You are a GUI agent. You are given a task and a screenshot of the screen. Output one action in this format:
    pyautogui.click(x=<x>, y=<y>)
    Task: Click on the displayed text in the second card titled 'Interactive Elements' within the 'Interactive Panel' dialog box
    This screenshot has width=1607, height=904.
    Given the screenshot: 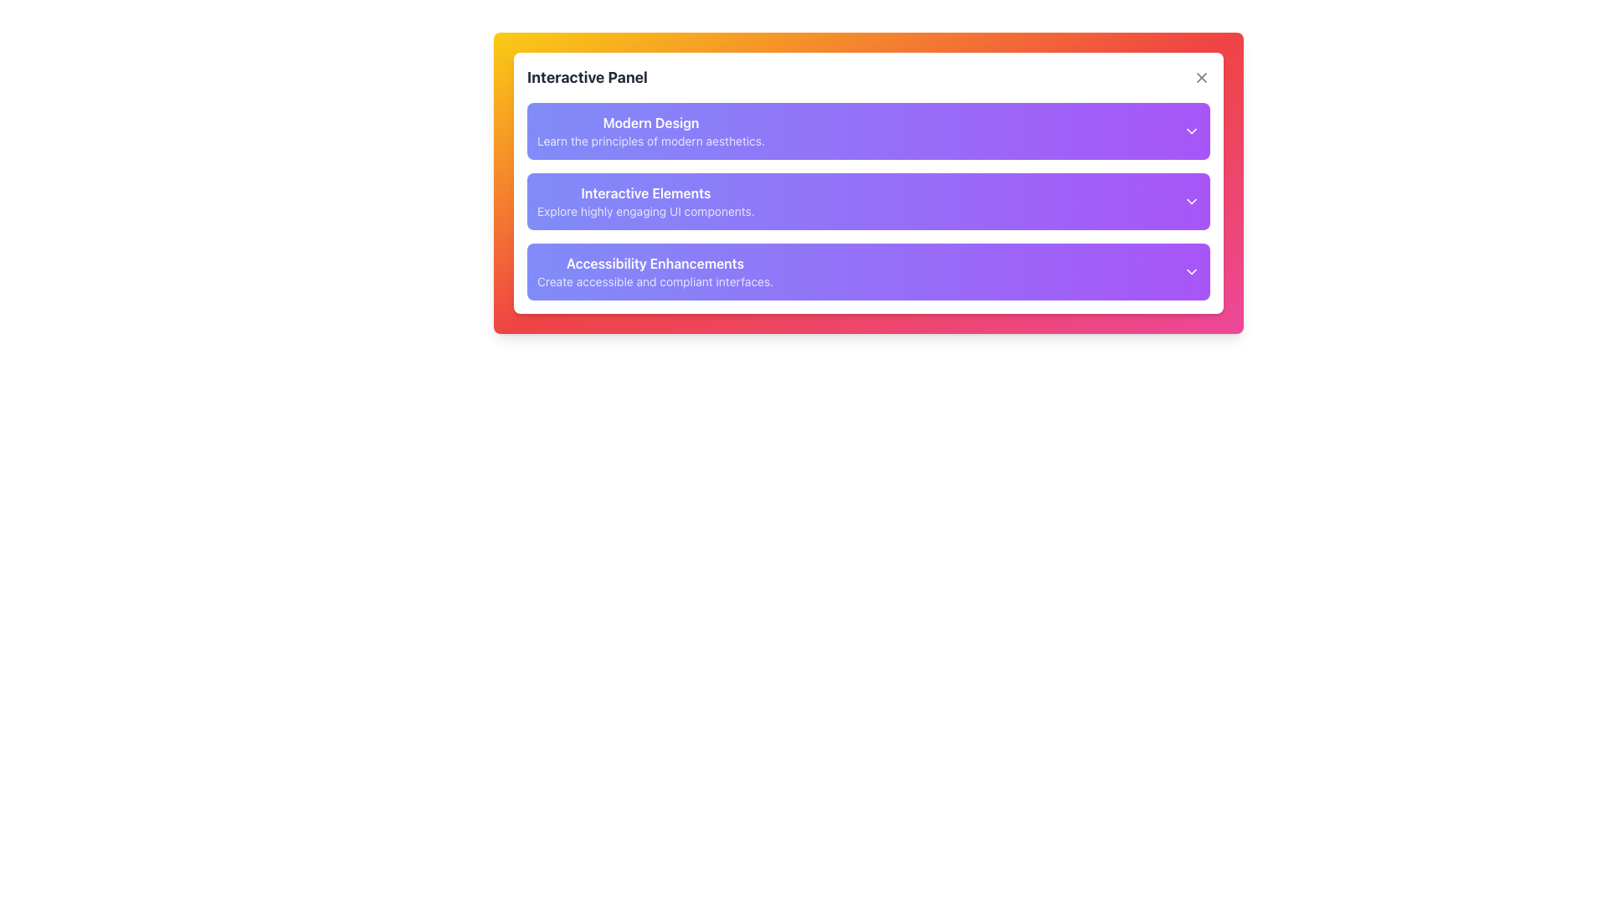 What is the action you would take?
    pyautogui.click(x=645, y=200)
    